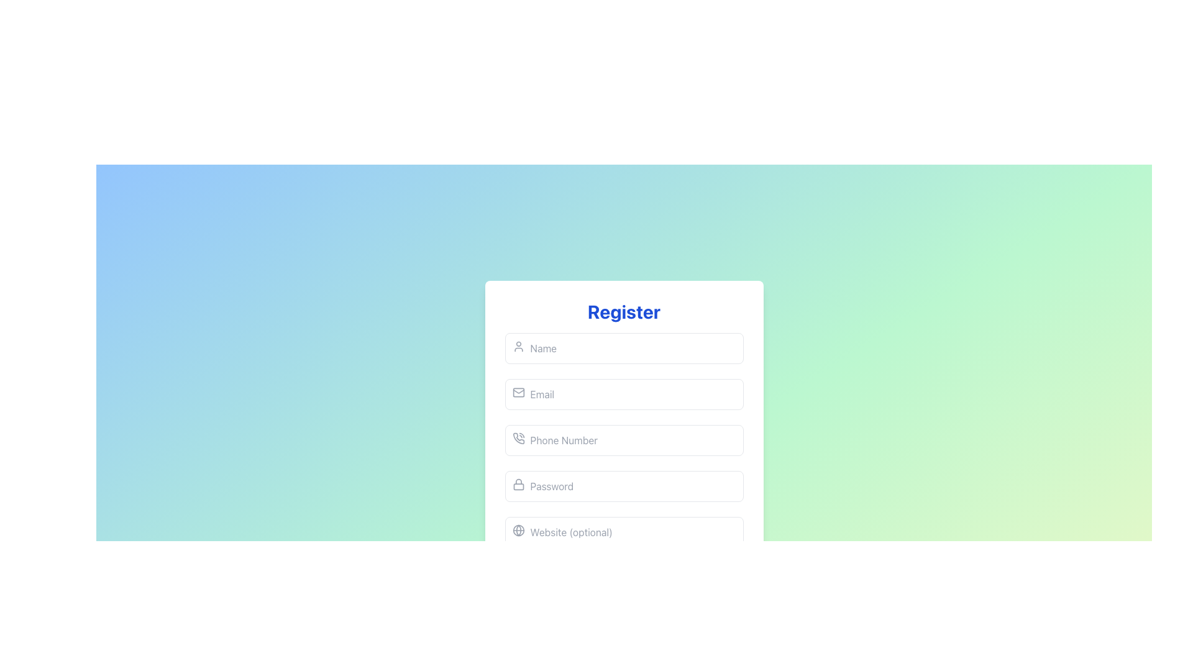  I want to click on the security icon that indicates the password entry field, located at the top-left corner of the password input field in the fourth position of the input list, so click(518, 483).